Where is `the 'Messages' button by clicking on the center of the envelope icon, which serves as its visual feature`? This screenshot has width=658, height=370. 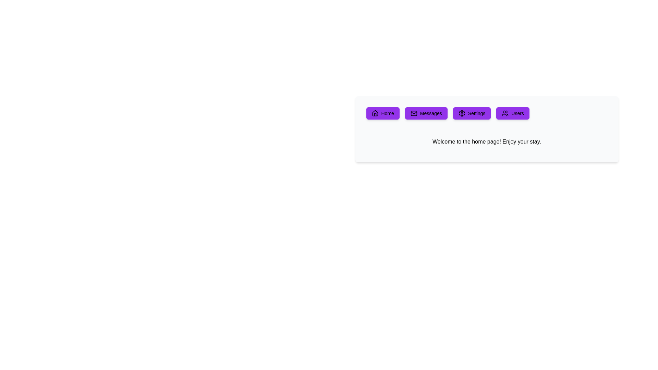
the 'Messages' button by clicking on the center of the envelope icon, which serves as its visual feature is located at coordinates (413, 112).